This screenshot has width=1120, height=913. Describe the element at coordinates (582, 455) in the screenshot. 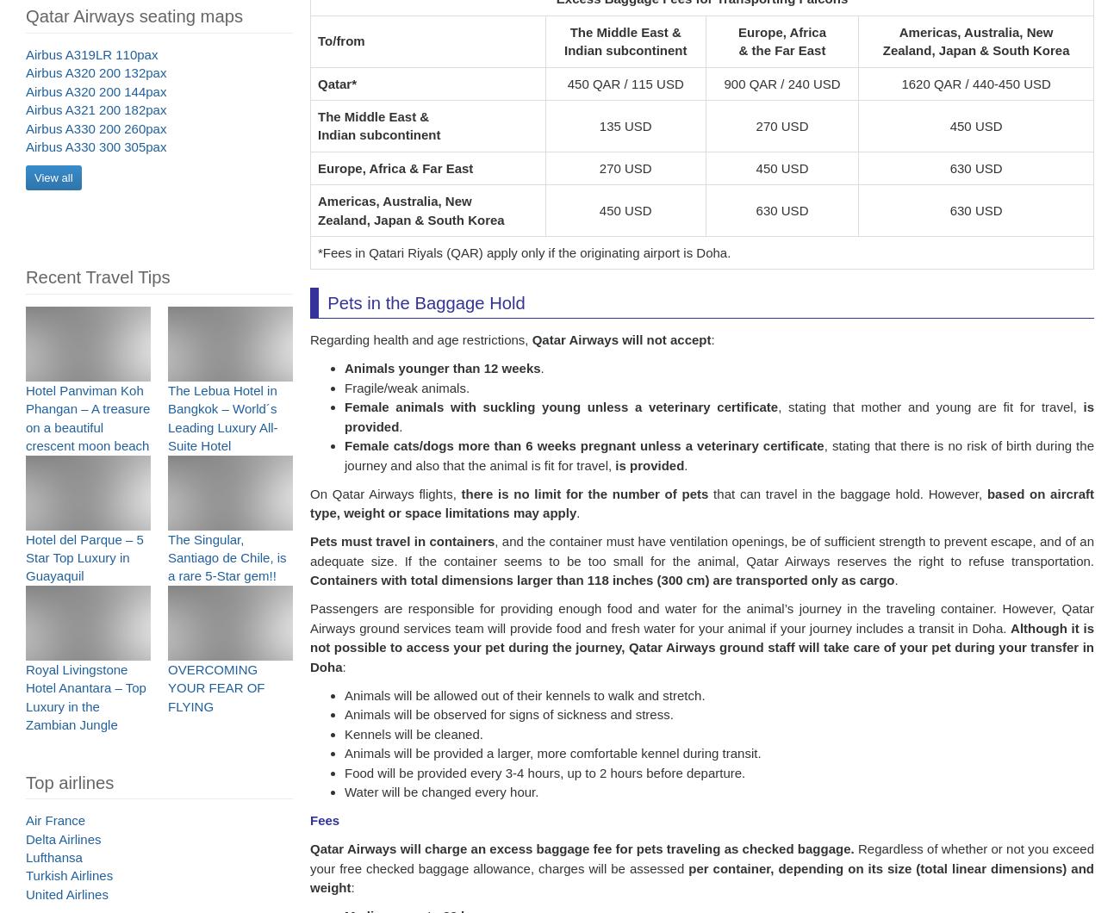

I see `'Female cats/dogs more than 6 weeks pregnant unless a veterinary certificate'` at that location.